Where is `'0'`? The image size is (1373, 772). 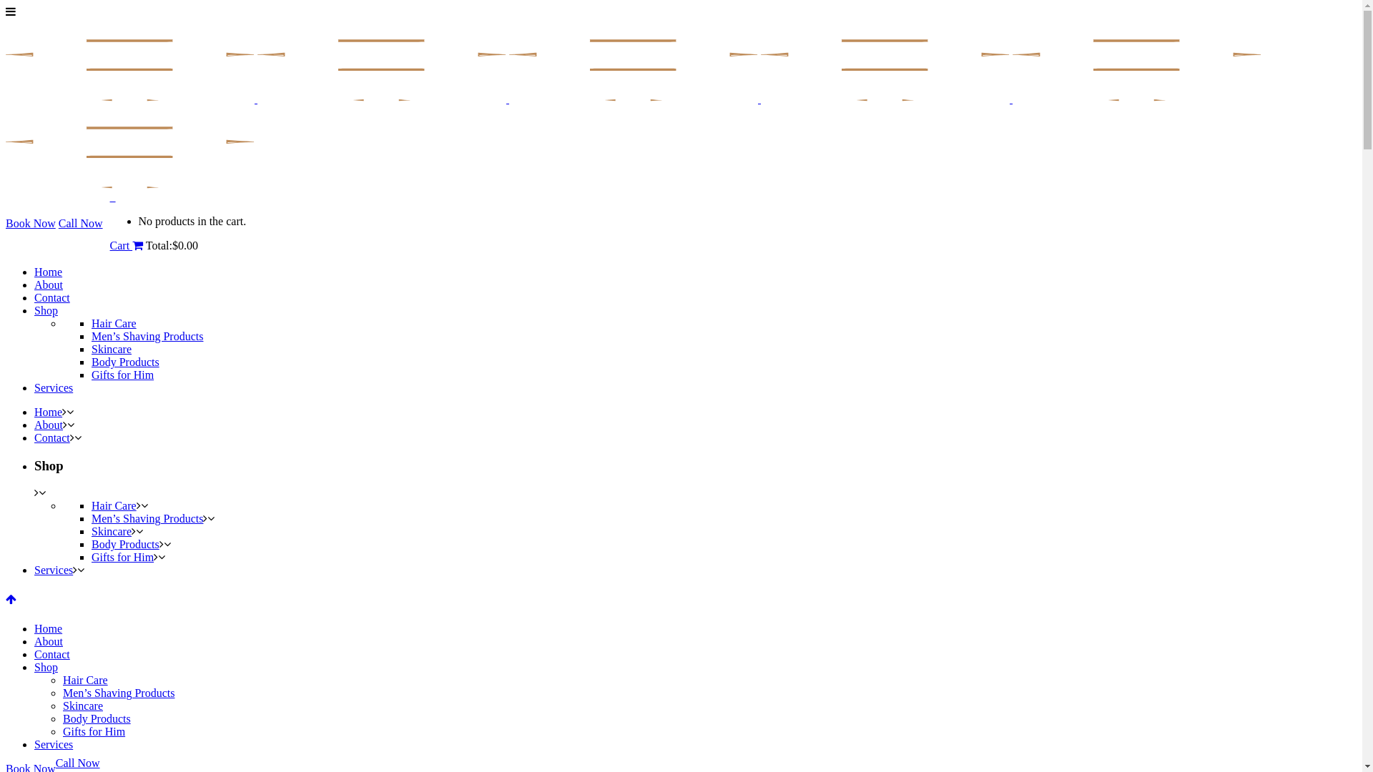
'0' is located at coordinates (112, 197).